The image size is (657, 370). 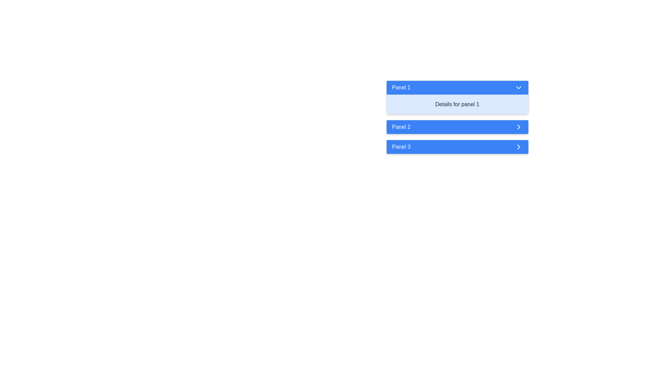 What do you see at coordinates (518, 87) in the screenshot?
I see `the chevron icon located at the right edge of the blue header labeled 'Panel 1'` at bounding box center [518, 87].